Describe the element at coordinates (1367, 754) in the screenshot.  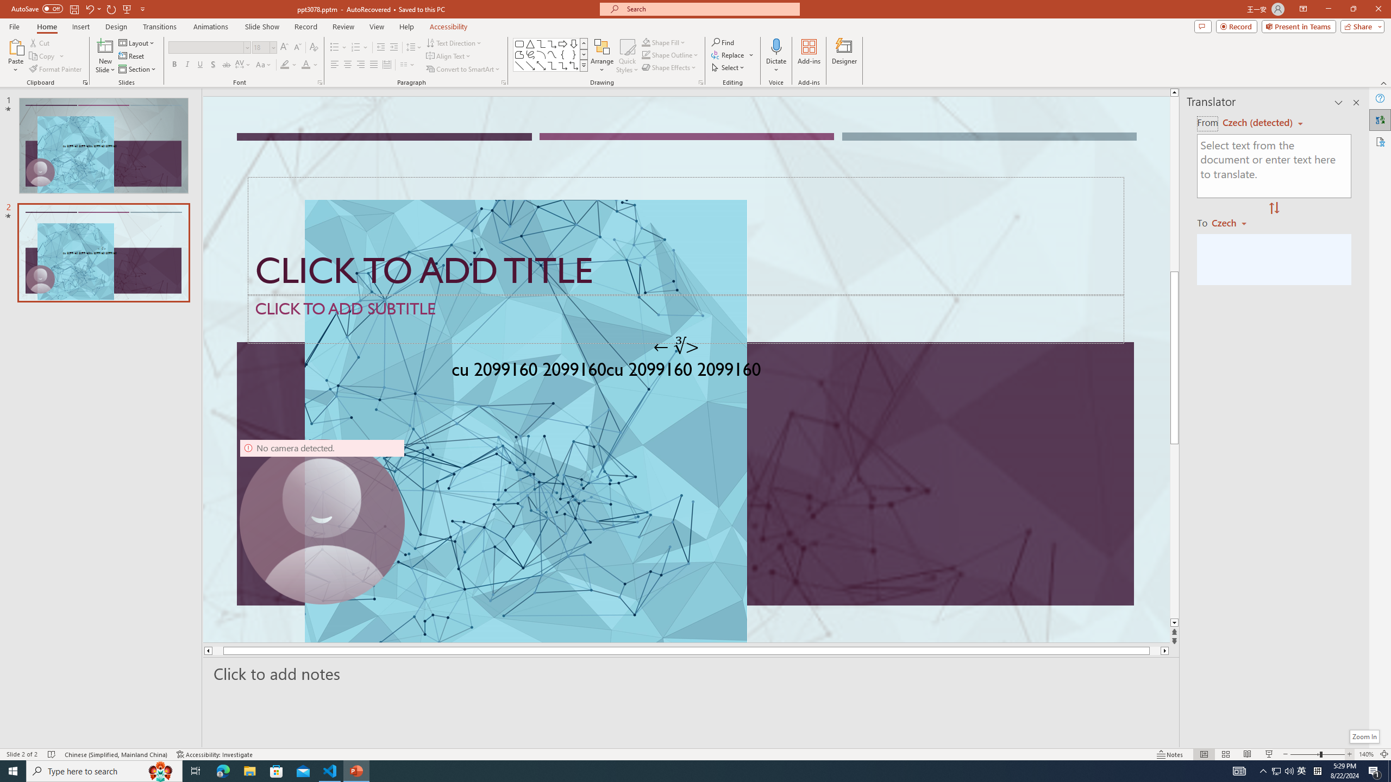
I see `'Zoom 140%'` at that location.